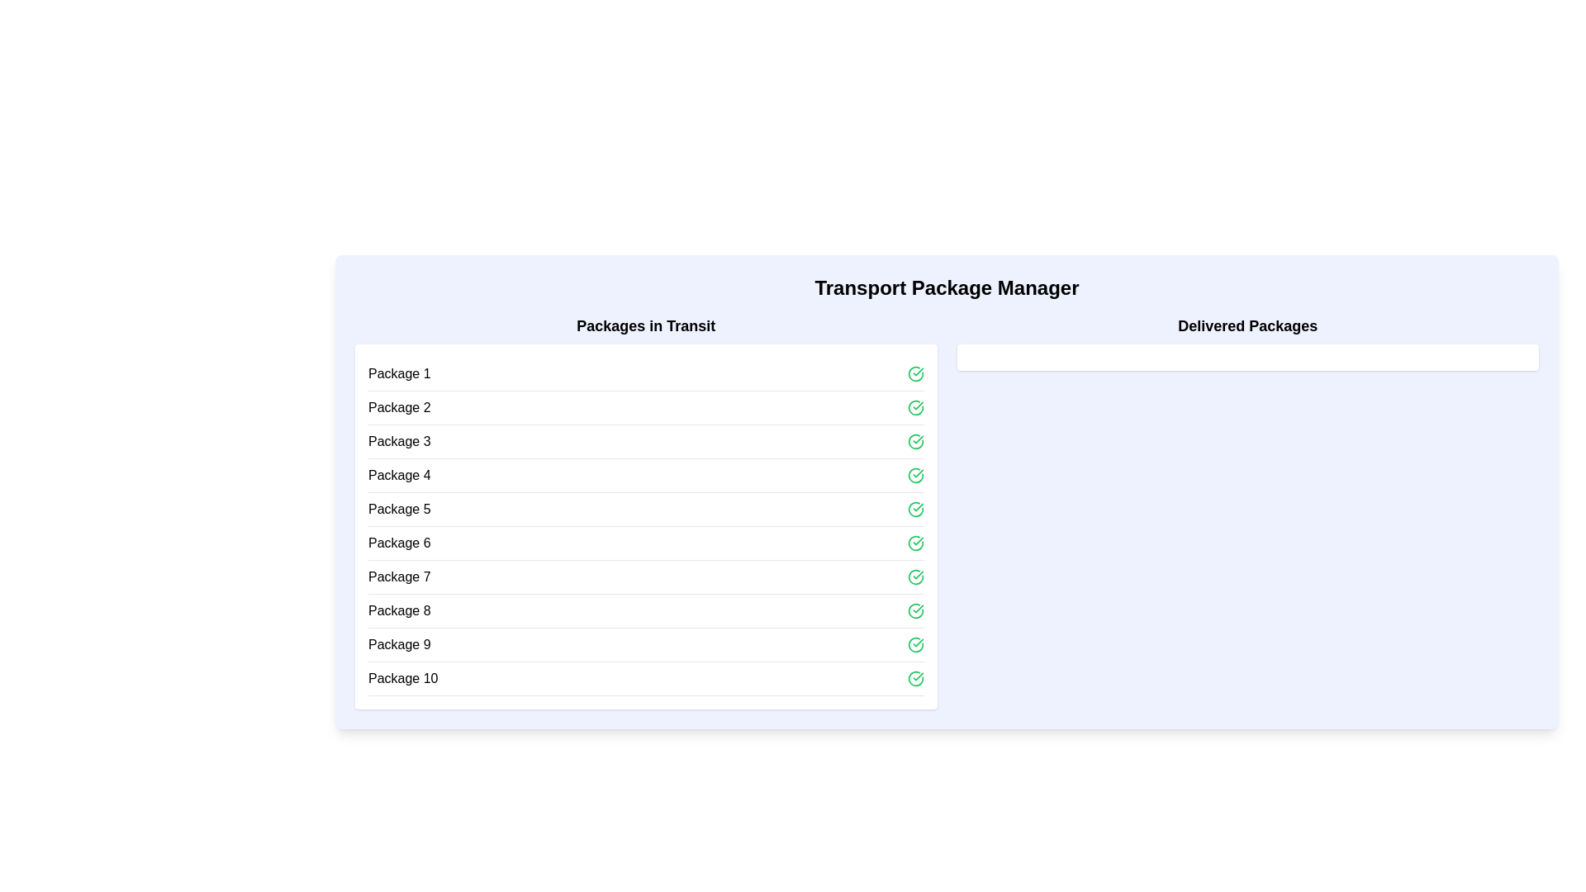  What do you see at coordinates (914, 643) in the screenshot?
I see `status icon indicating a successful or complete status of 'Package 10', located in the 'Packages in Transit' section to the right of the package label` at bounding box center [914, 643].